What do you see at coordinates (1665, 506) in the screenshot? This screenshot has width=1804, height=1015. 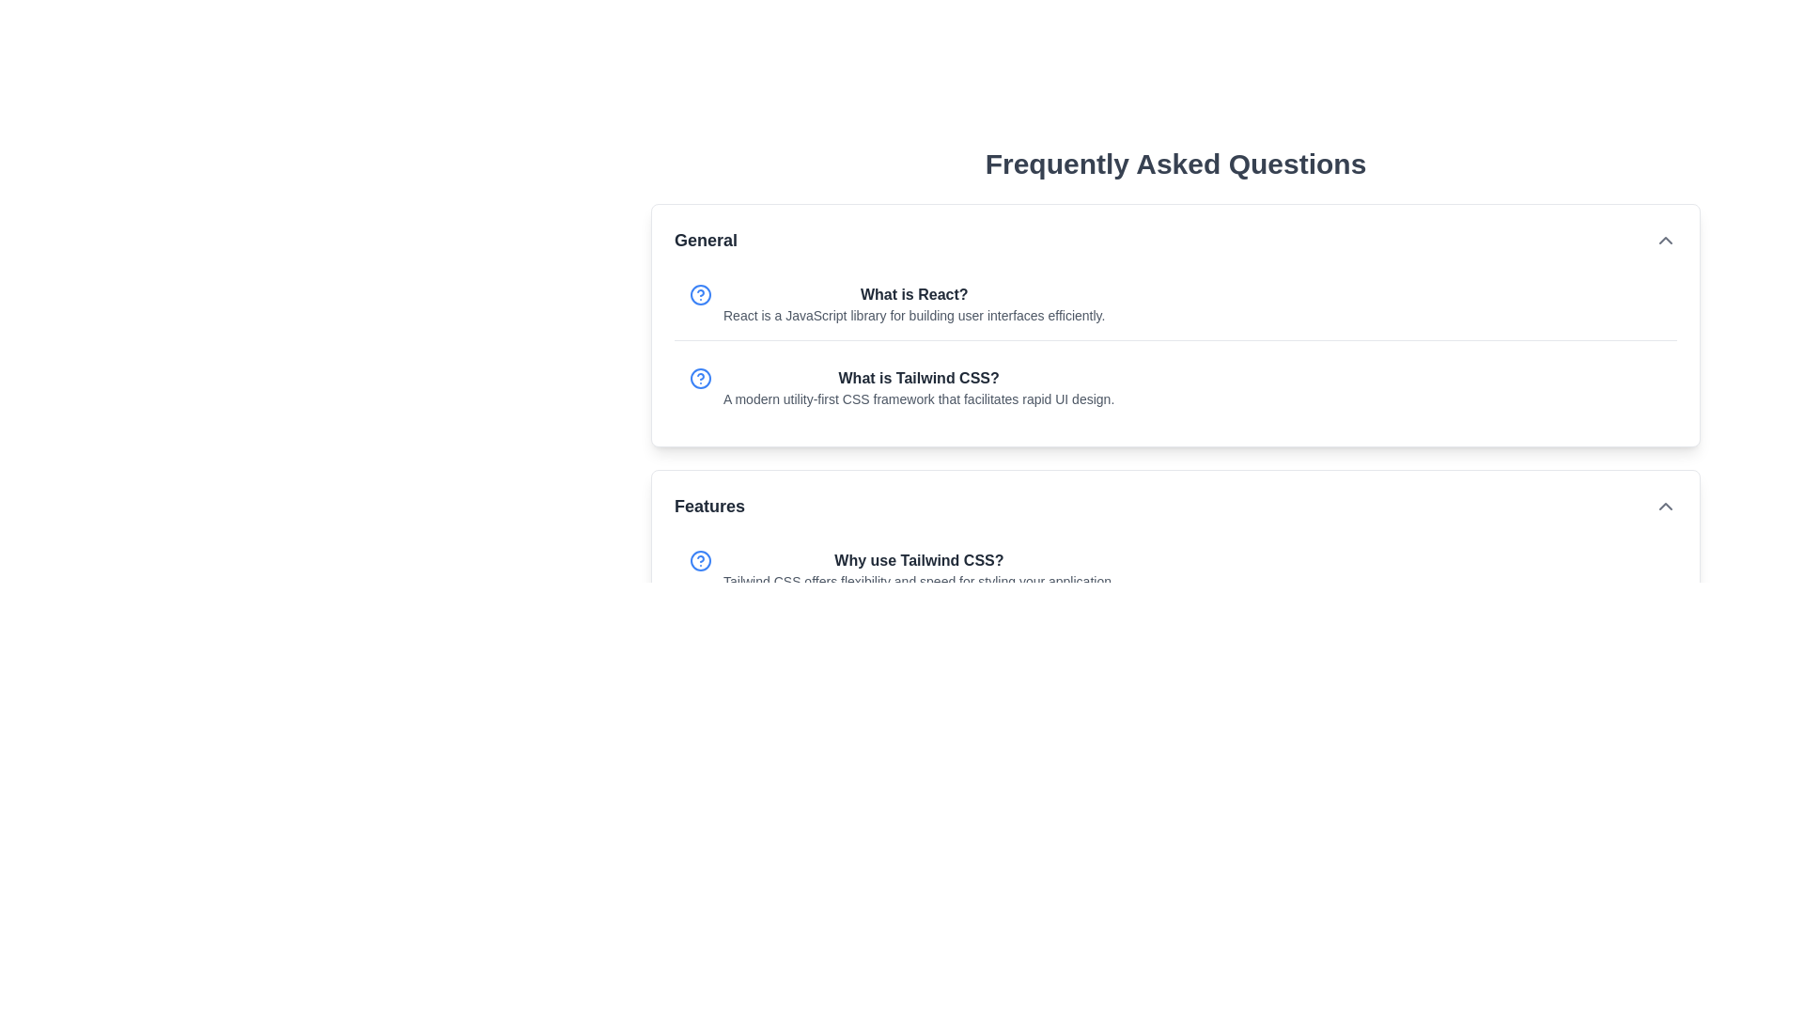 I see `the chevron icon located at the far-right edge of the 'Features' section header` at bounding box center [1665, 506].